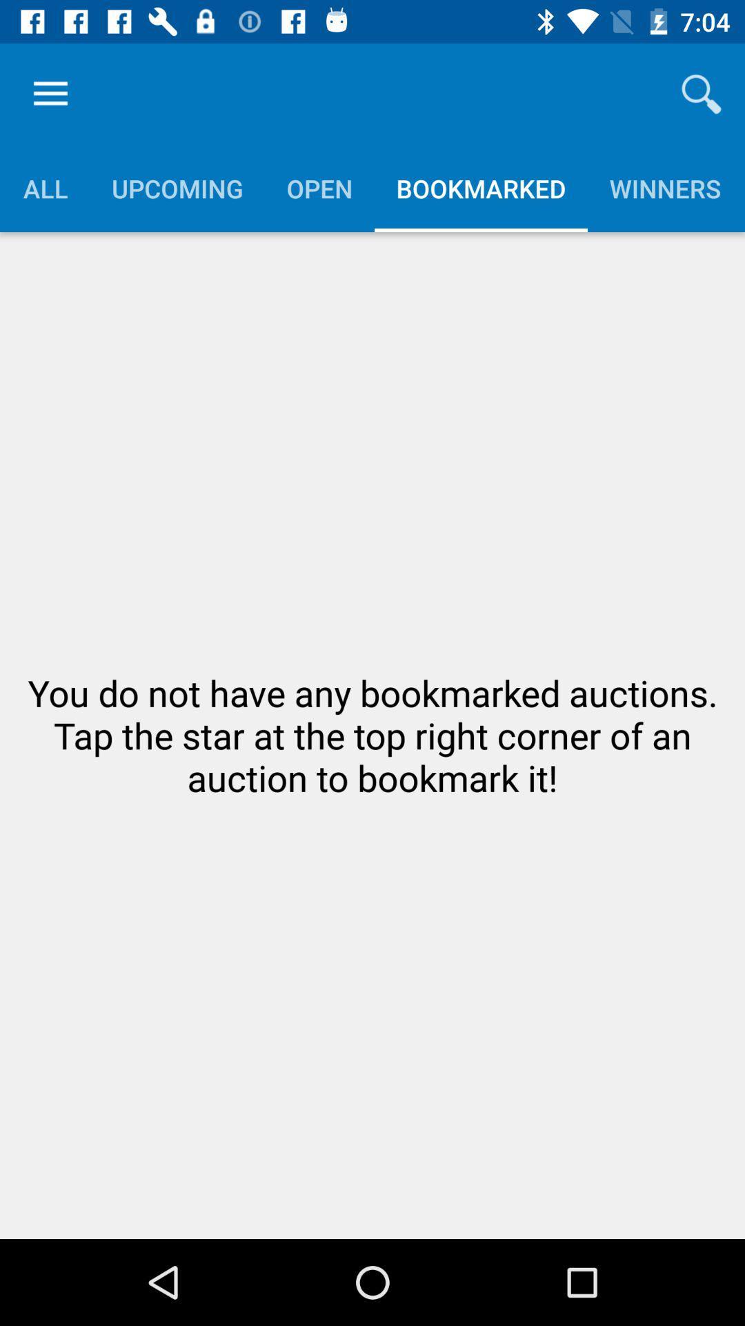  What do you see at coordinates (50, 93) in the screenshot?
I see `the item above the all icon` at bounding box center [50, 93].